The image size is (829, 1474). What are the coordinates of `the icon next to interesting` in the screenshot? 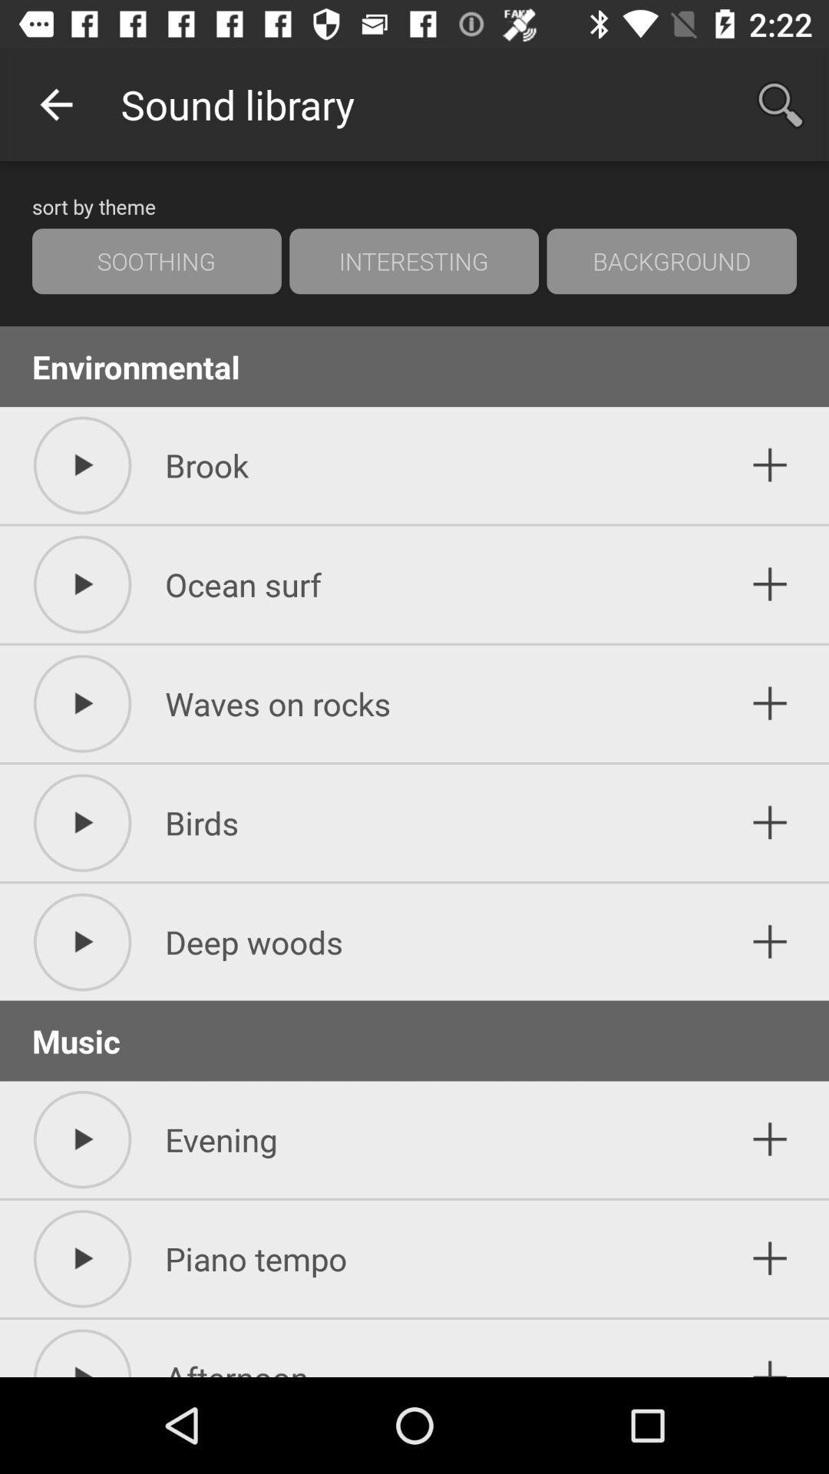 It's located at (671, 261).